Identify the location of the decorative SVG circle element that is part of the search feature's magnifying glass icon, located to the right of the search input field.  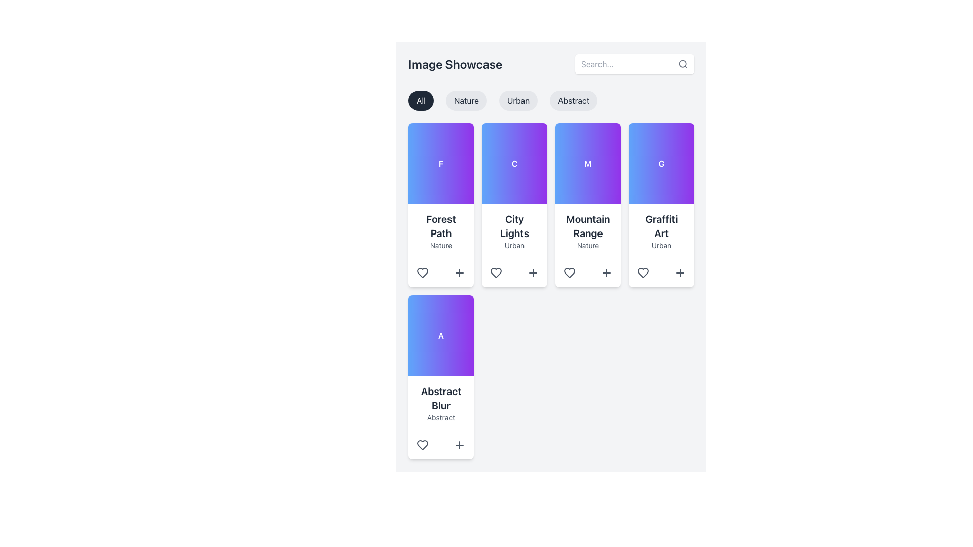
(683, 64).